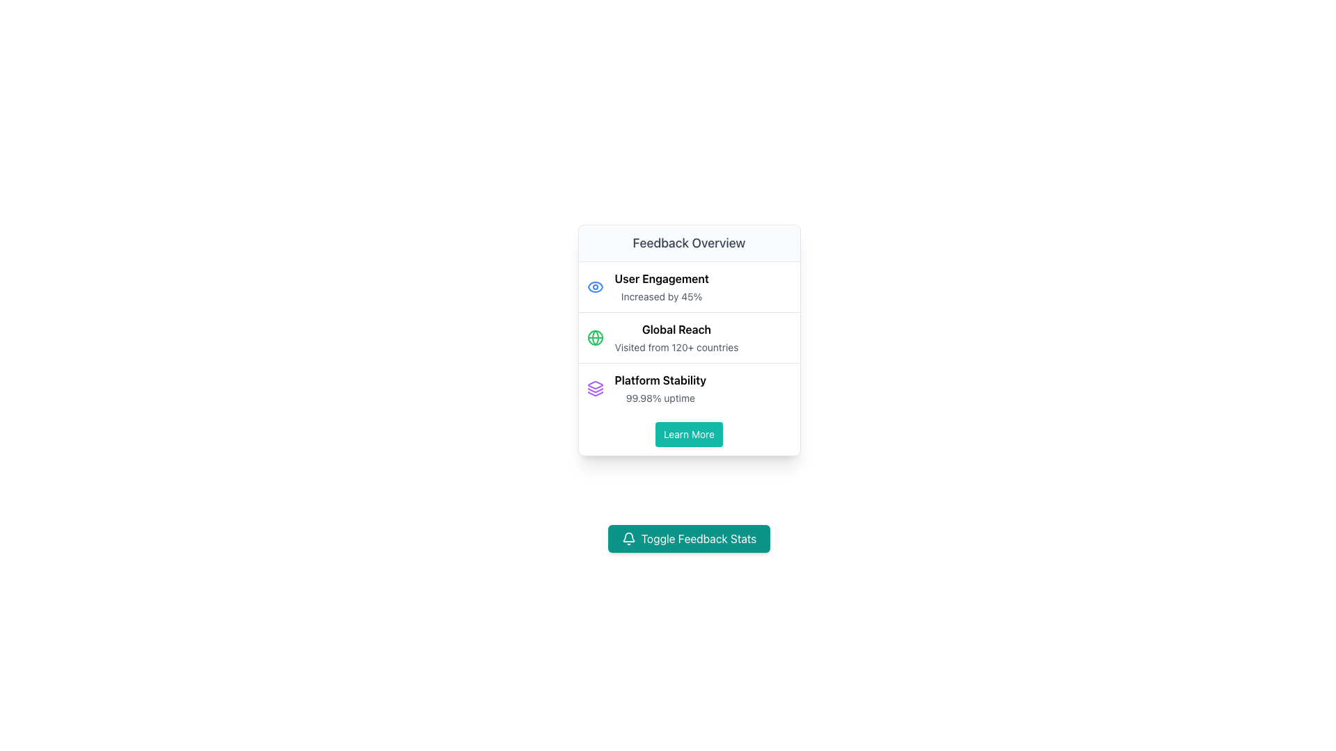  What do you see at coordinates (595, 389) in the screenshot?
I see `the purple icon shaped like a stack of layers, located to the left of the text 'Platform Stability' in the third row of the card titled 'Feedback Overview'` at bounding box center [595, 389].